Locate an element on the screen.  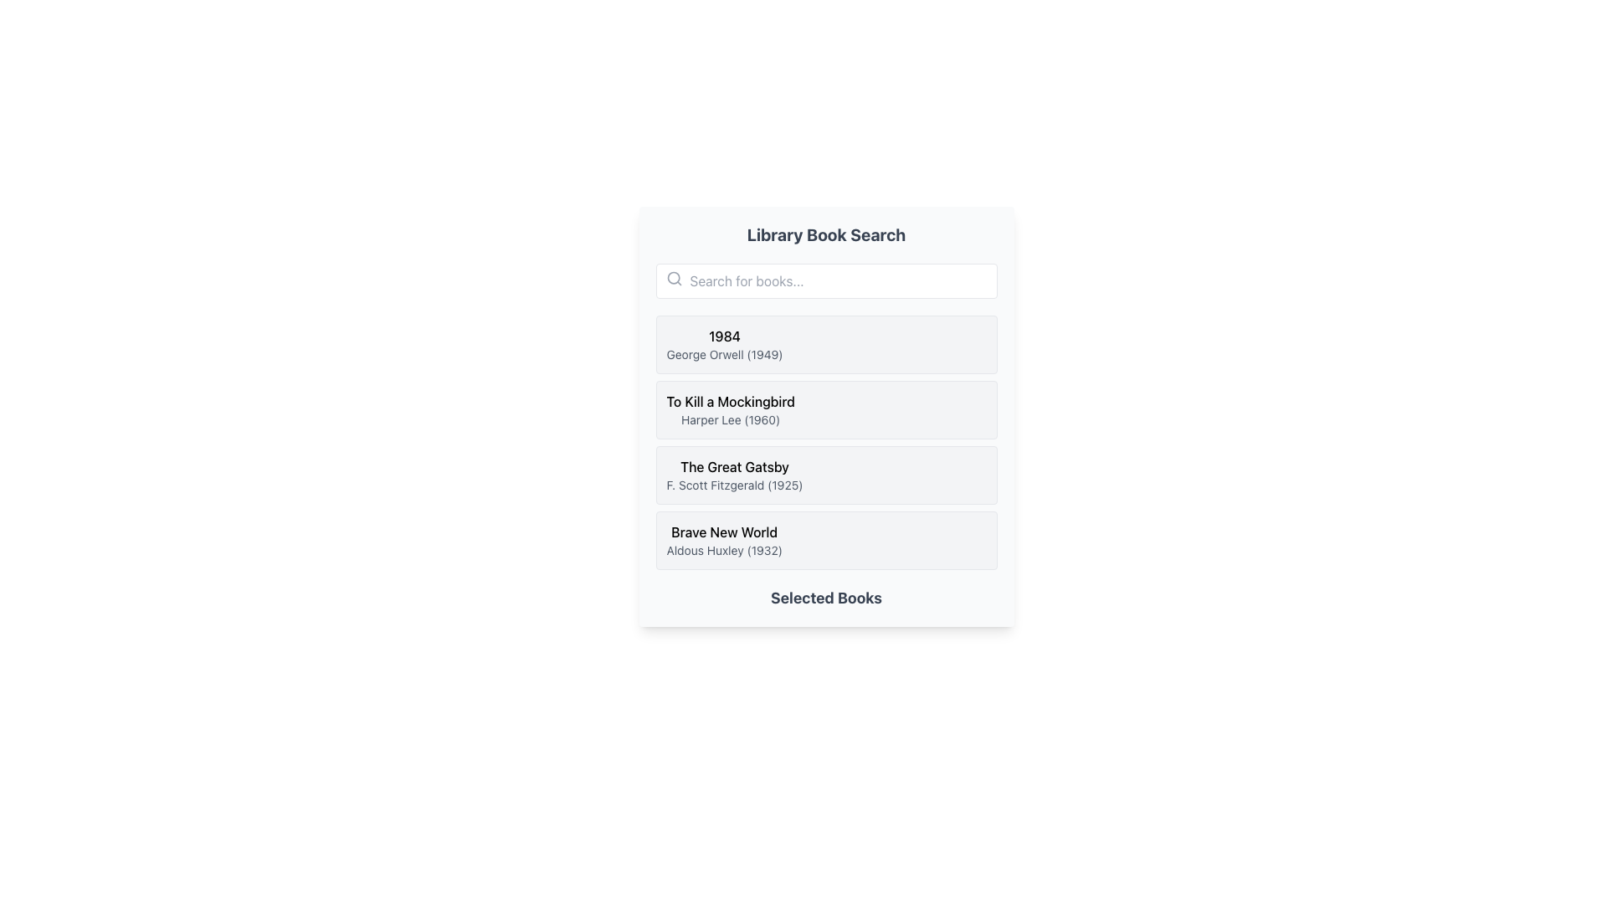
the text label that serves as the title of the second book entry in the library list, which is positioned above 'Harper Lee (1960)' and below '1984' is located at coordinates (731, 401).